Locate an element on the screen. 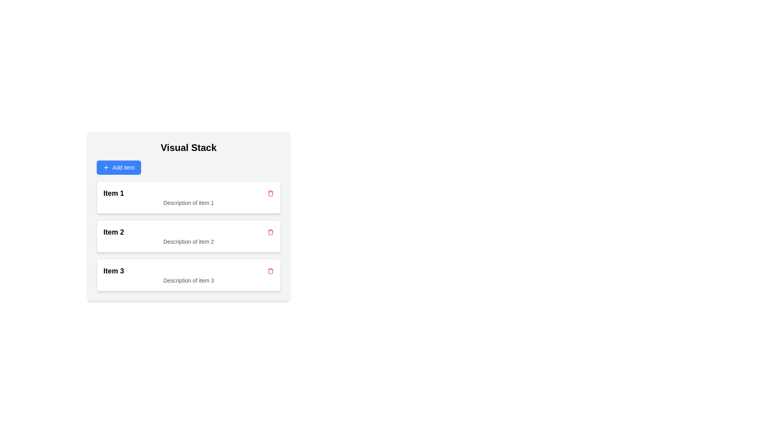 Image resolution: width=761 pixels, height=428 pixels. the text label that represents 'Item 3' in the vertical list labeled 'Visual Stack' on the main interface is located at coordinates (113, 270).